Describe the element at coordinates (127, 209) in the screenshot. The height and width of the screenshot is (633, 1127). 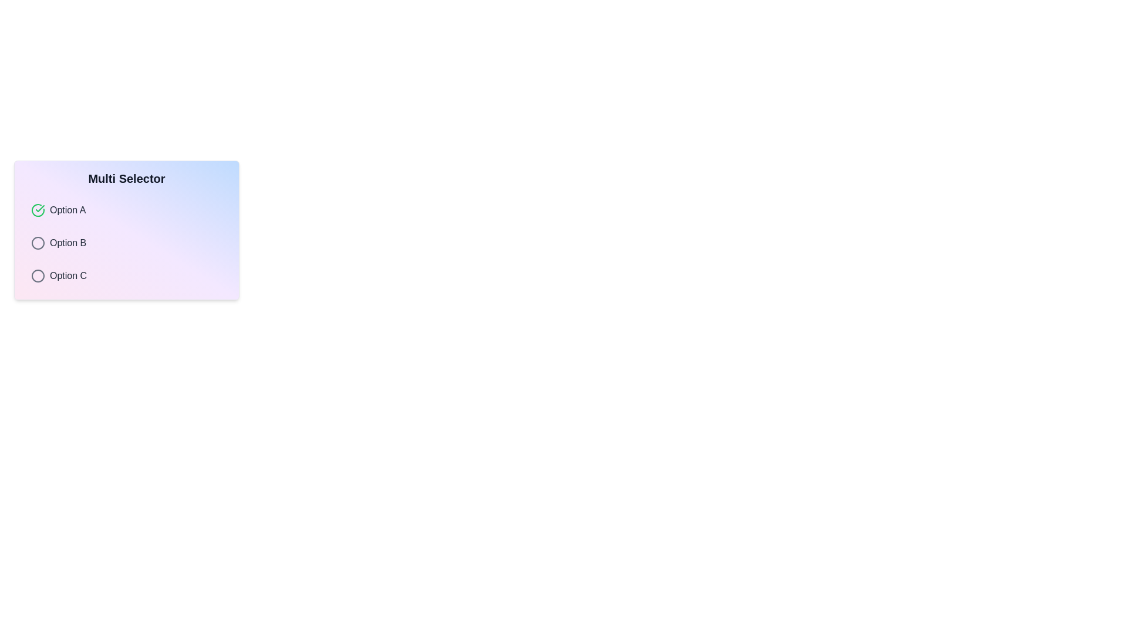
I see `the option Option A from the list` at that location.